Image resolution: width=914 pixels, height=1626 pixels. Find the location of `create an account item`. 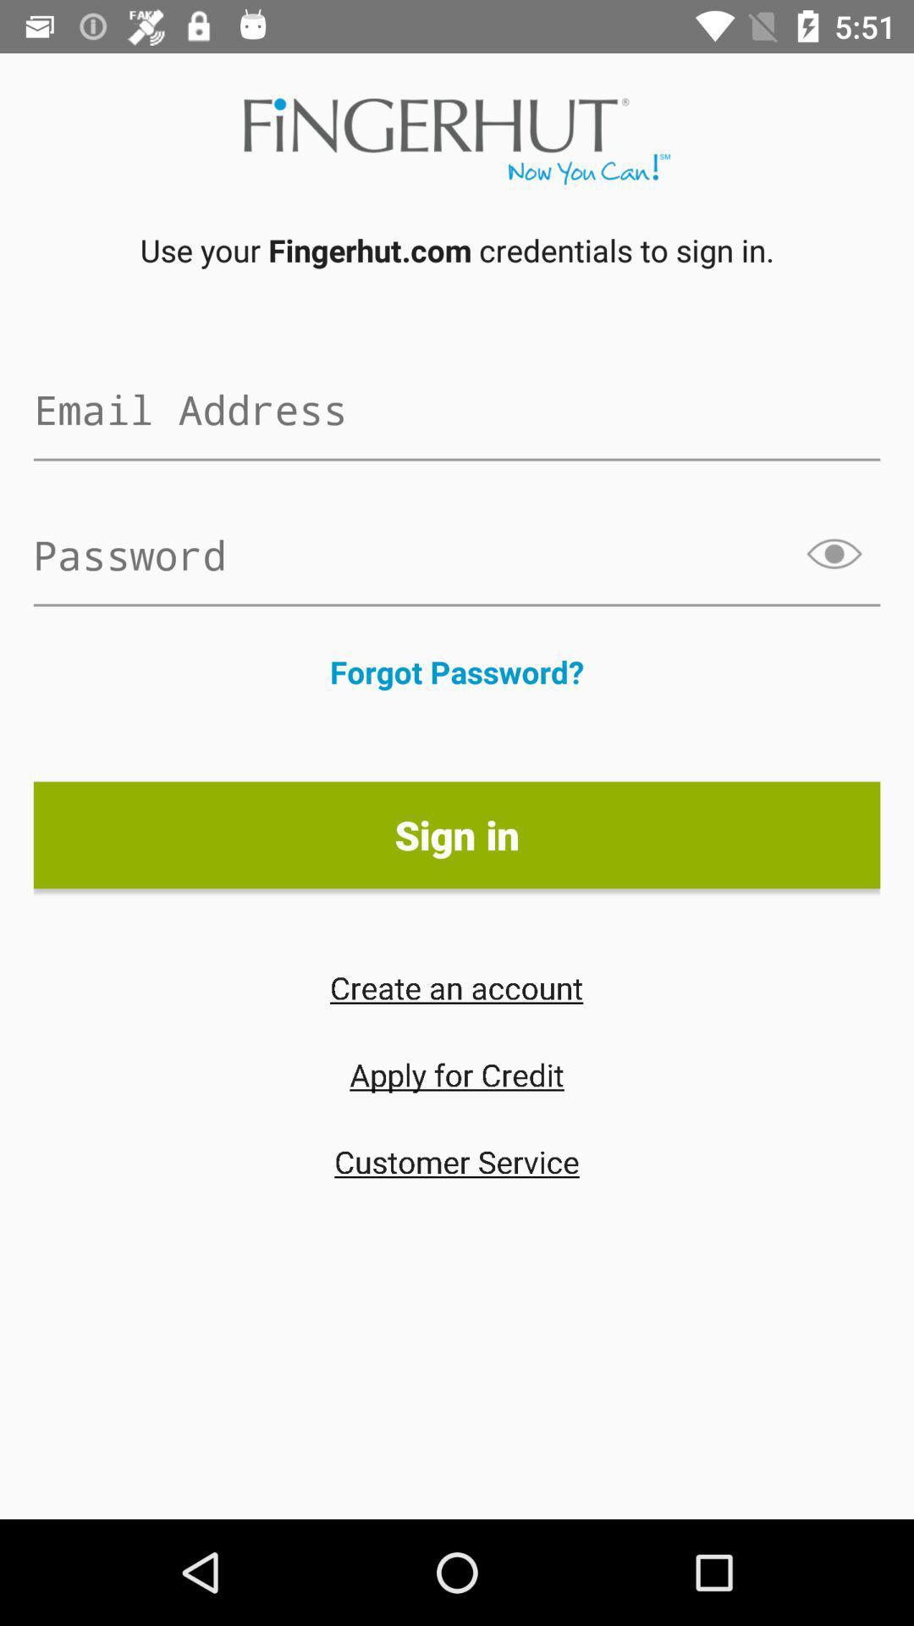

create an account item is located at coordinates (455, 987).